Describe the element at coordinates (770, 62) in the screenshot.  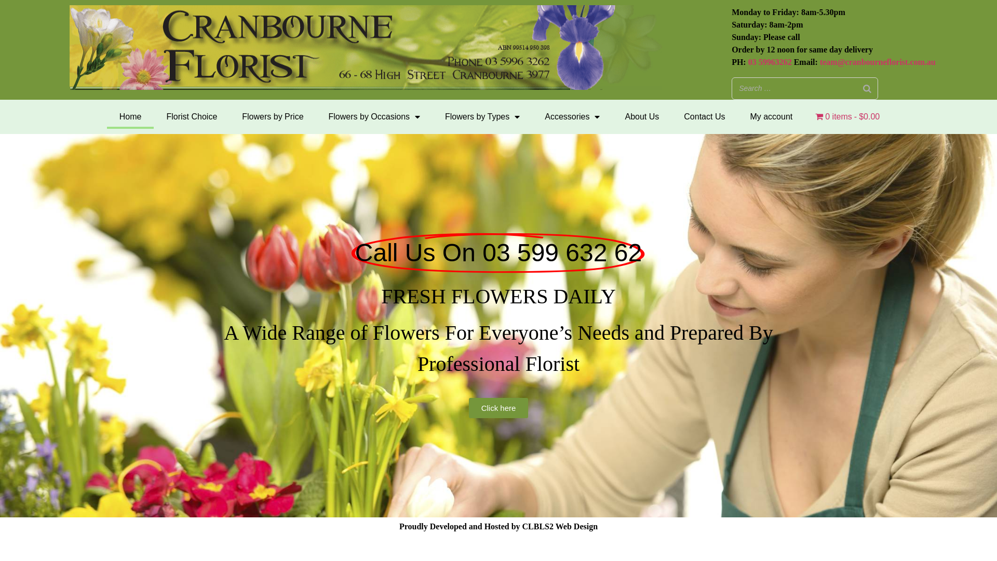
I see `'03 59963262'` at that location.